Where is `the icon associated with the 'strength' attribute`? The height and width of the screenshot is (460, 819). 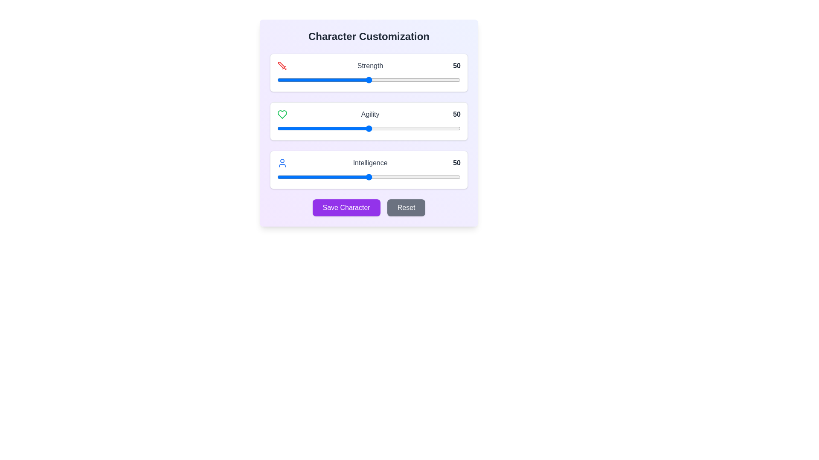 the icon associated with the 'strength' attribute is located at coordinates (282, 65).